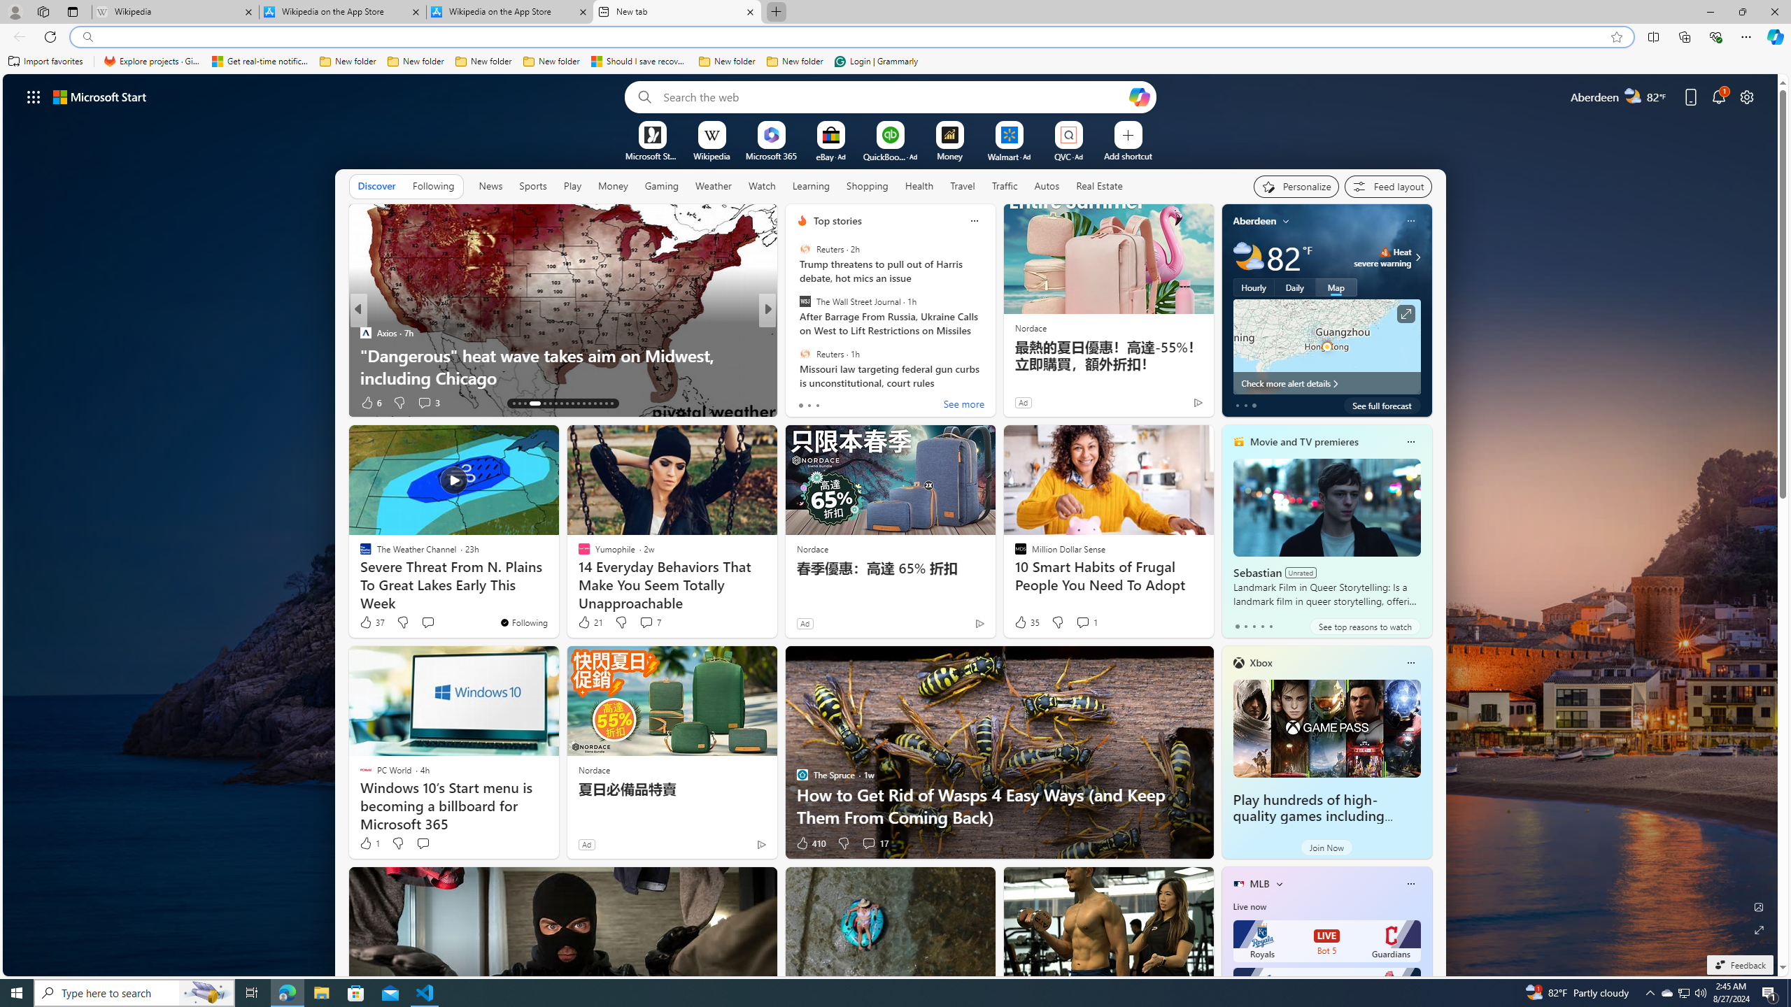  I want to click on 'View comments 17 Comment', so click(868, 843).